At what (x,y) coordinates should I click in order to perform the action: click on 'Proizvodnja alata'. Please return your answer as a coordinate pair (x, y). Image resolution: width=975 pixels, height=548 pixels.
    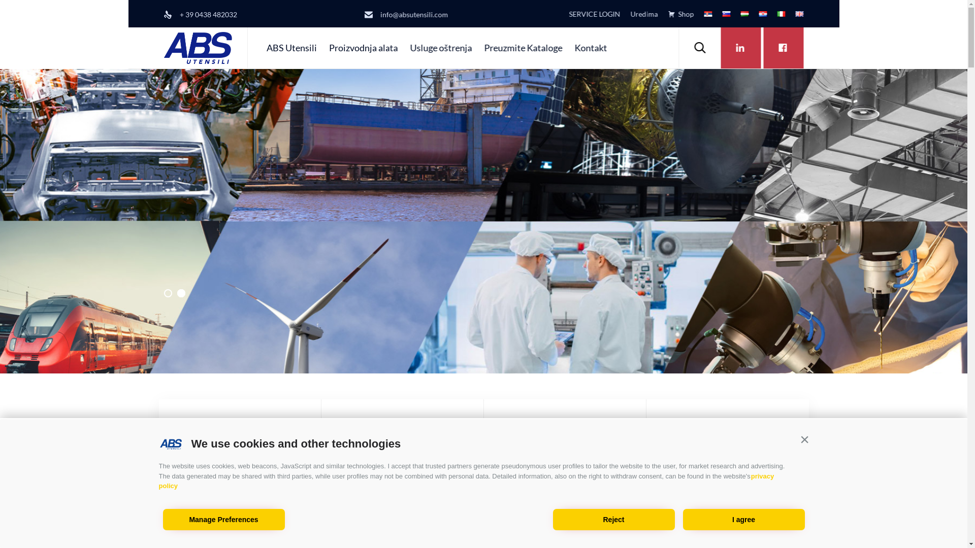
    Looking at the image, I should click on (346, 439).